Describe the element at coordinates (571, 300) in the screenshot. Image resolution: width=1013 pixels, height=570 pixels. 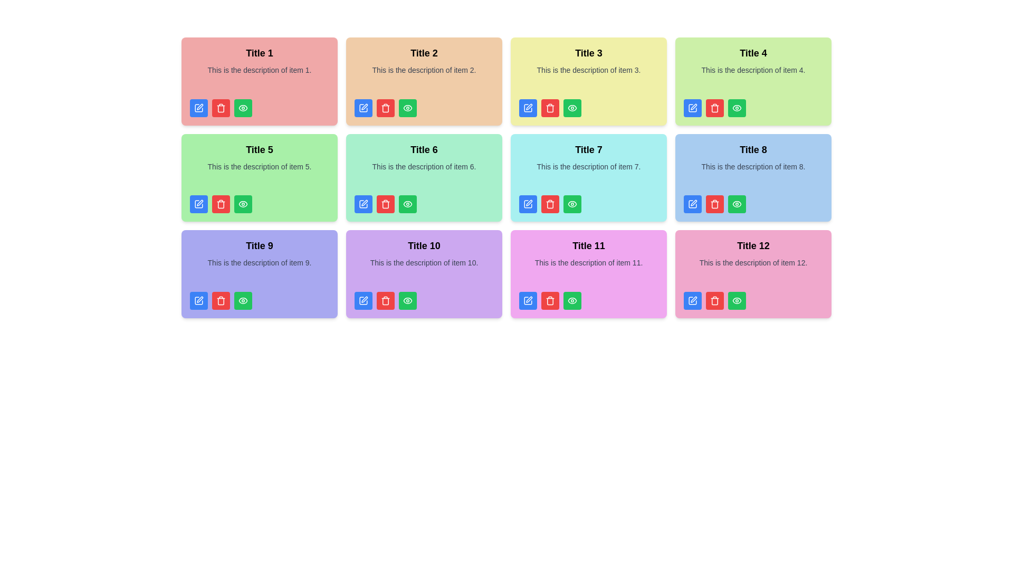
I see `the eye icon button located in the bottom-right corner of the card labeled 'Title 11', which features a green background and white outline` at that location.